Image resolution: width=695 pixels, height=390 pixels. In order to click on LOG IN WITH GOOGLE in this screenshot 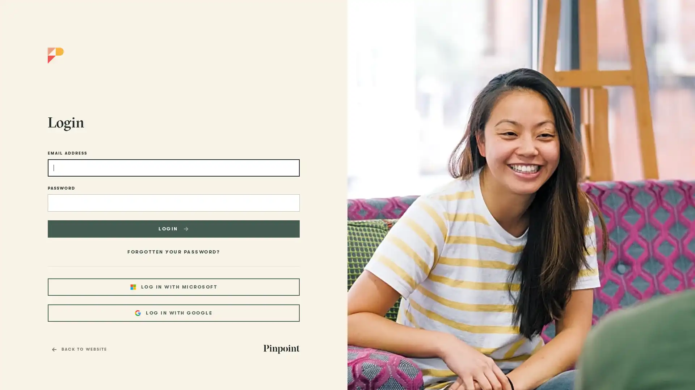, I will do `click(173, 313)`.